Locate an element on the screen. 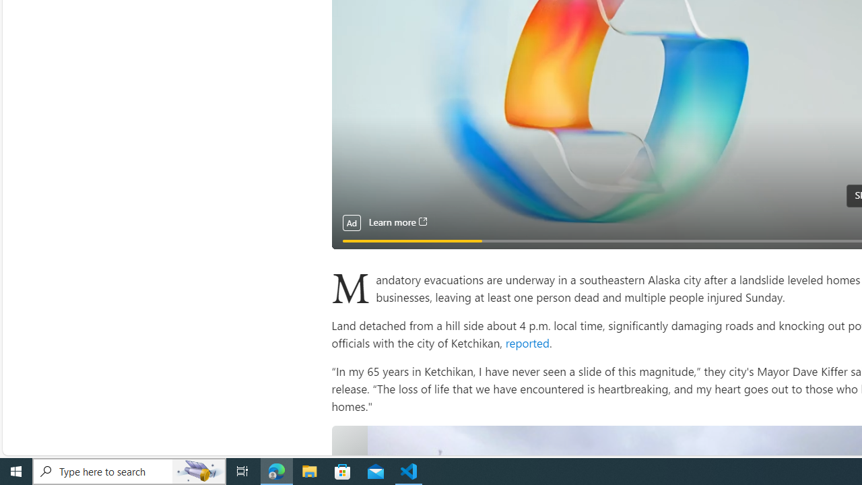 This screenshot has height=485, width=862. 'Seek Back' is located at coordinates (377, 233).